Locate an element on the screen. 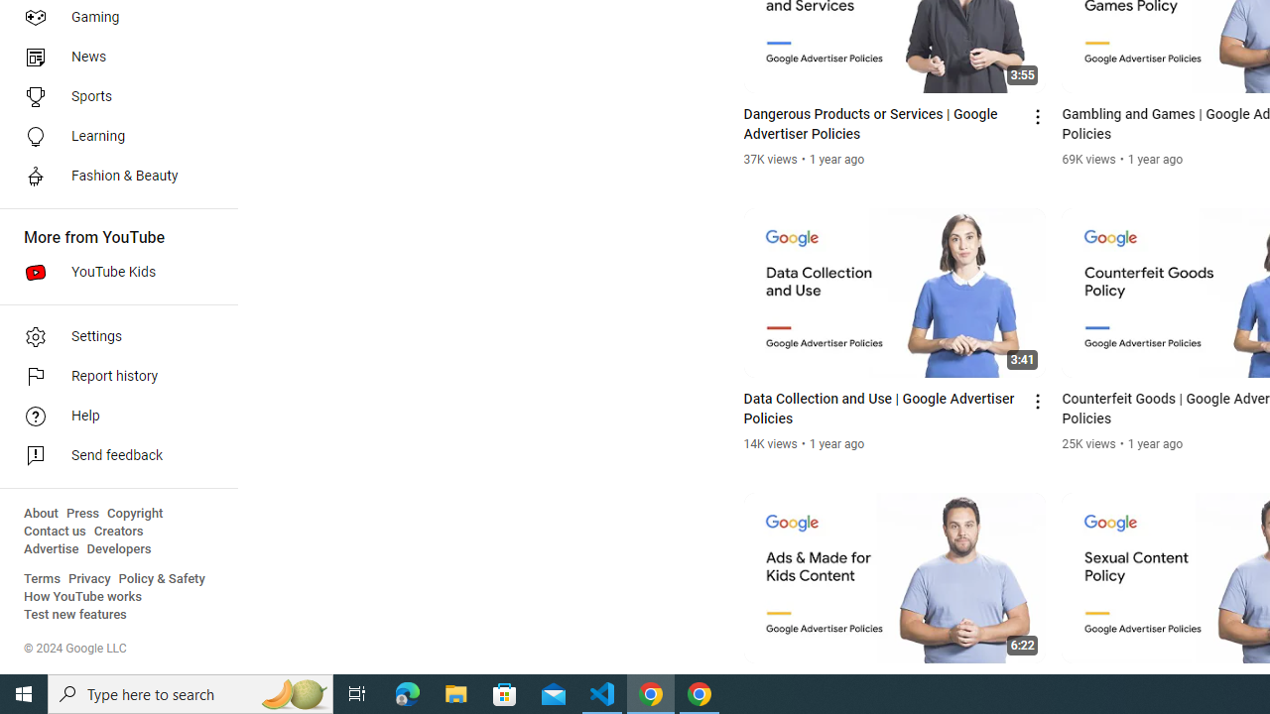 This screenshot has width=1270, height=714. 'About' is located at coordinates (41, 513).